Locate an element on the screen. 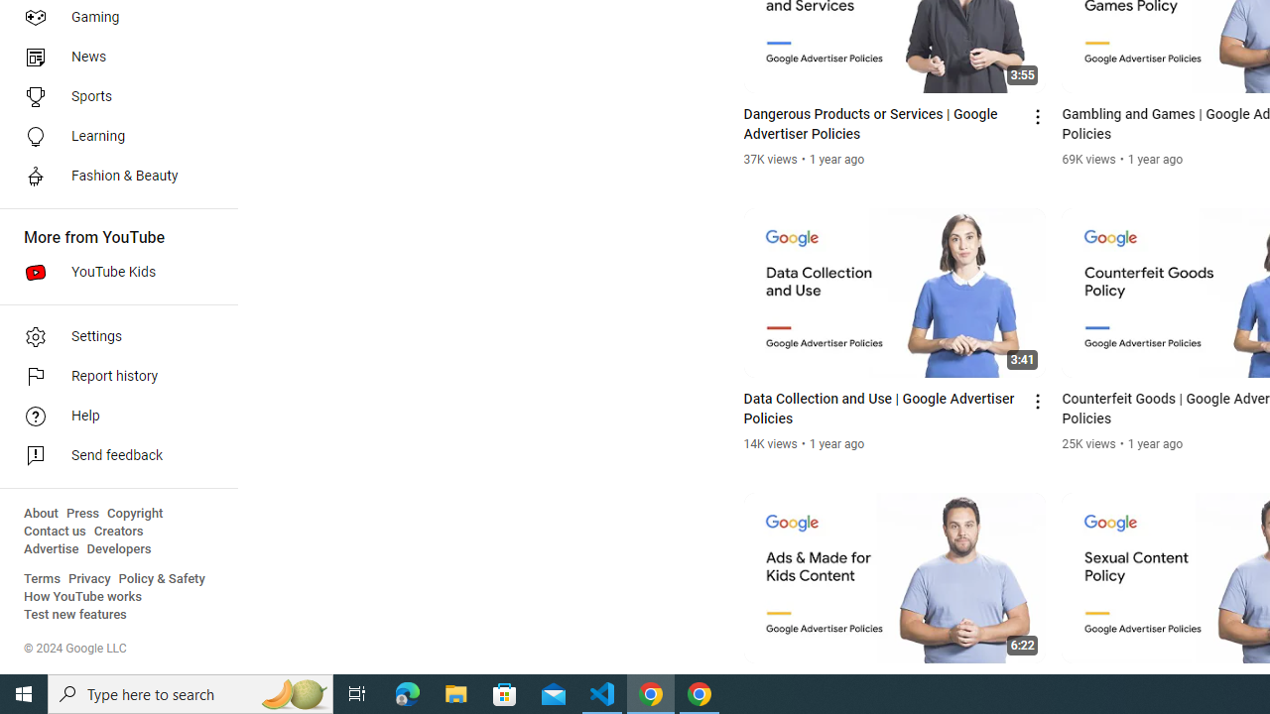 This screenshot has width=1270, height=714. 'About' is located at coordinates (41, 513).